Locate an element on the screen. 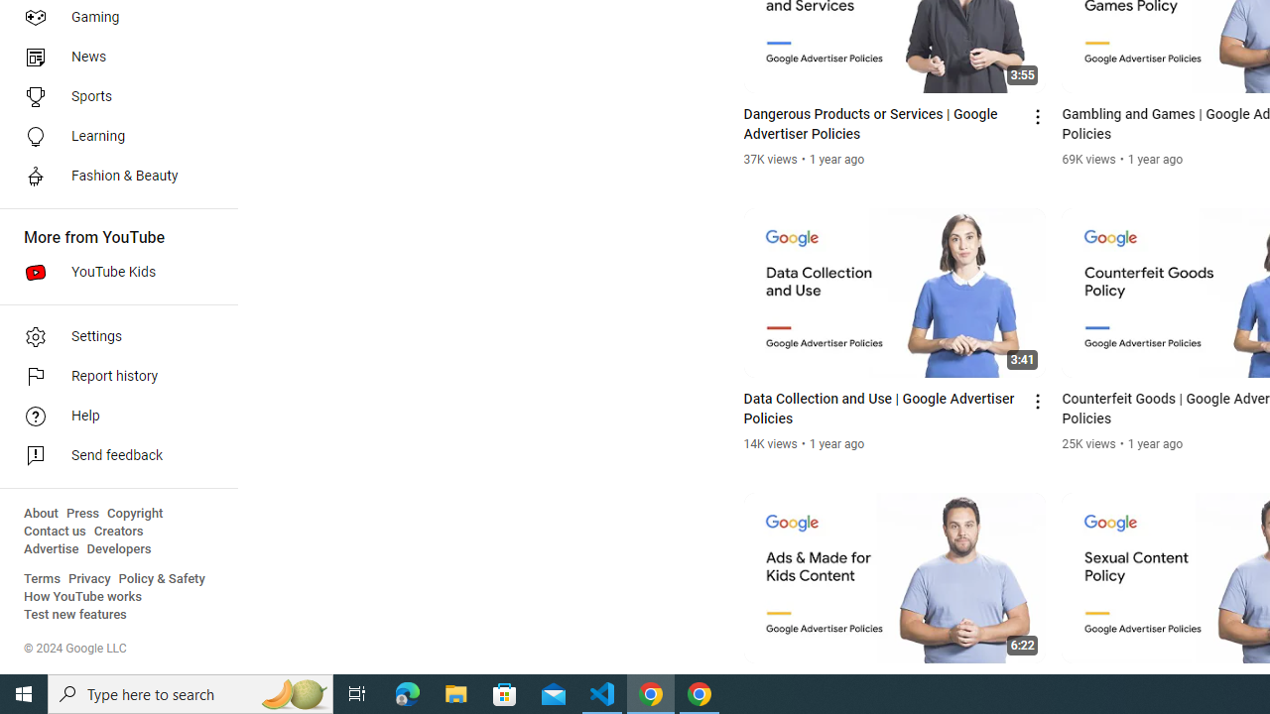 This screenshot has width=1270, height=714. 'About' is located at coordinates (41, 513).